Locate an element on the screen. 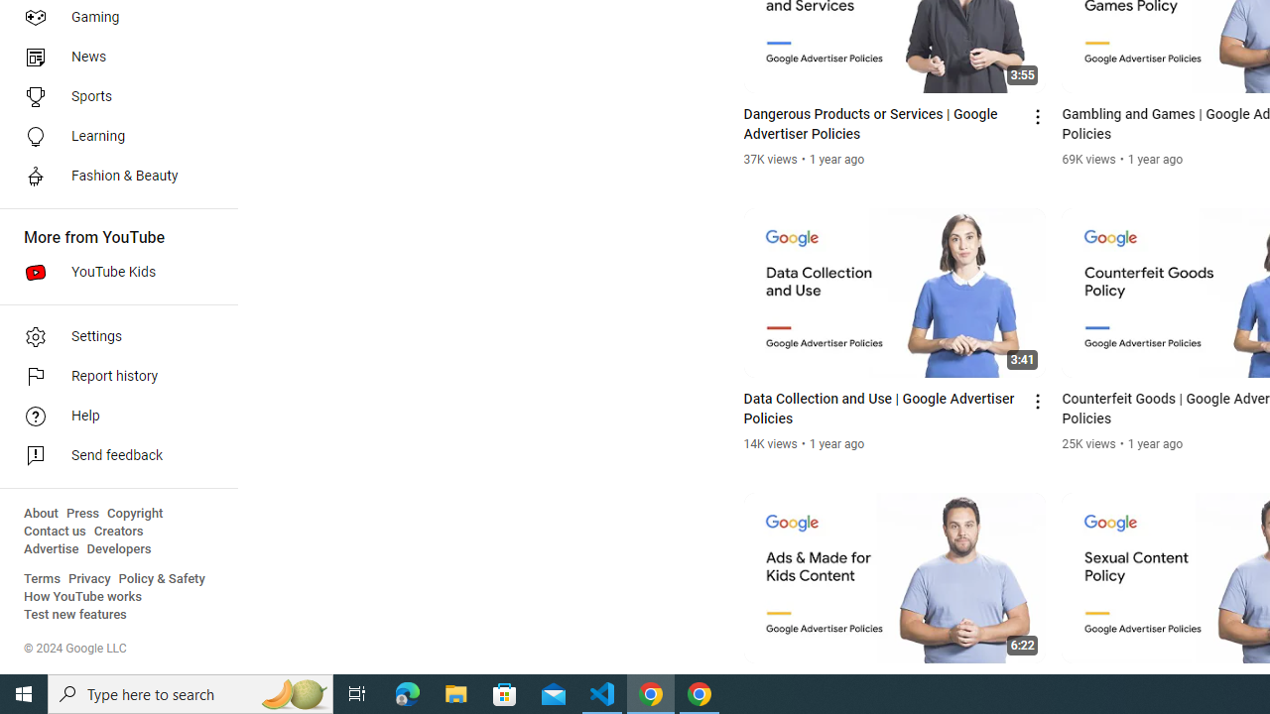 This screenshot has width=1270, height=714. 'About' is located at coordinates (41, 513).